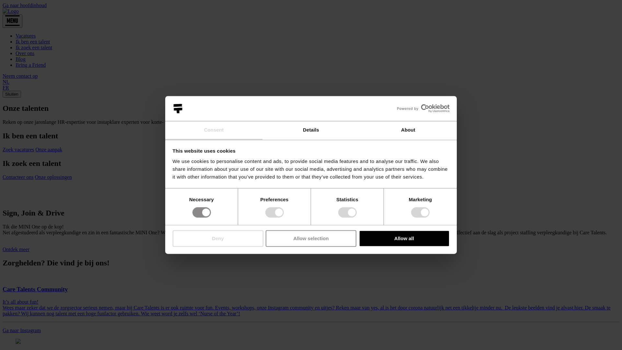 Image resolution: width=622 pixels, height=350 pixels. I want to click on 'Allow selection', so click(311, 238).